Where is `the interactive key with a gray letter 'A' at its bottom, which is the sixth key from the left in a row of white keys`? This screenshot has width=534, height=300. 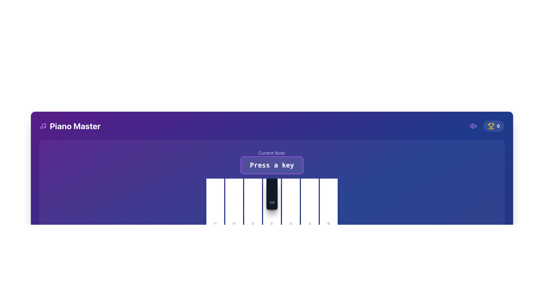
the interactive key with a gray letter 'A' at its bottom, which is the sixth key from the left in a row of white keys is located at coordinates (309, 205).